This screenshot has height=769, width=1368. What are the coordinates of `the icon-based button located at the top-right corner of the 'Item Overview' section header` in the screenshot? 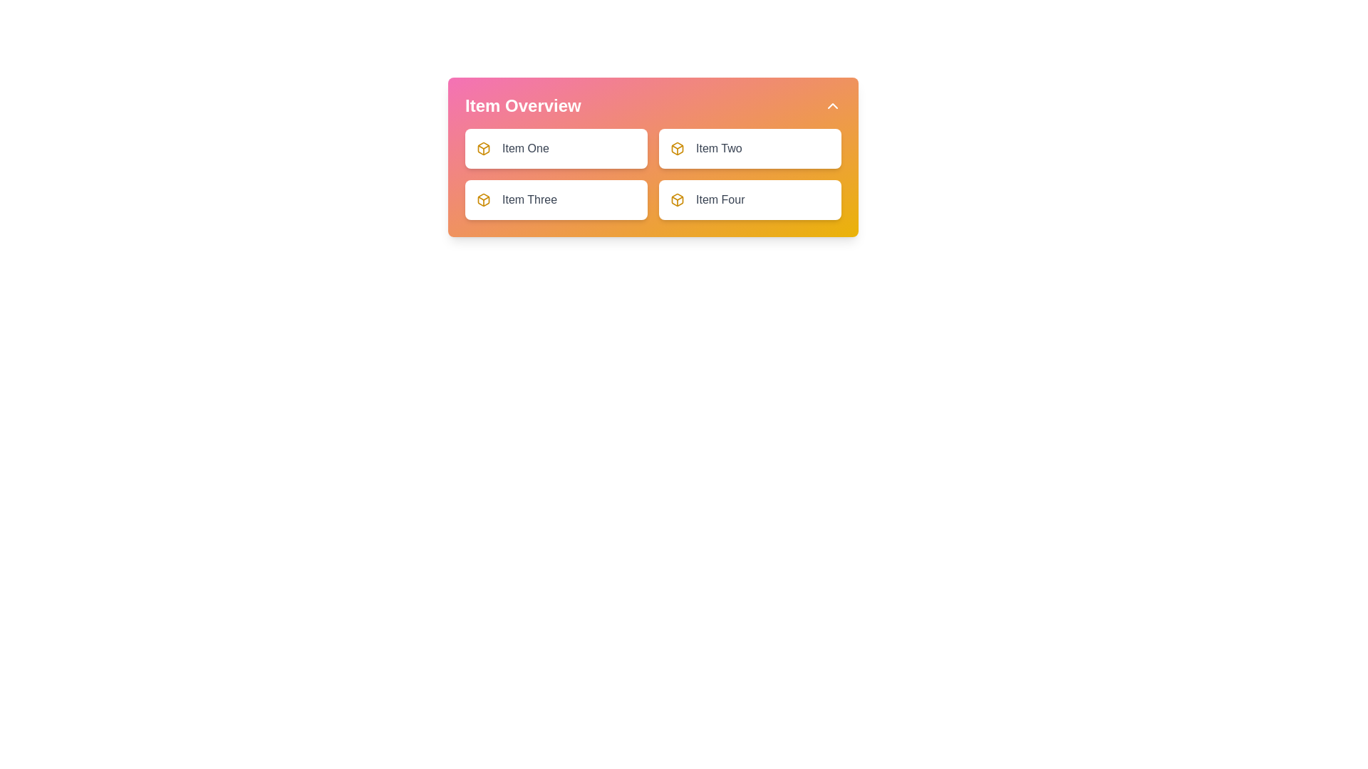 It's located at (833, 105).